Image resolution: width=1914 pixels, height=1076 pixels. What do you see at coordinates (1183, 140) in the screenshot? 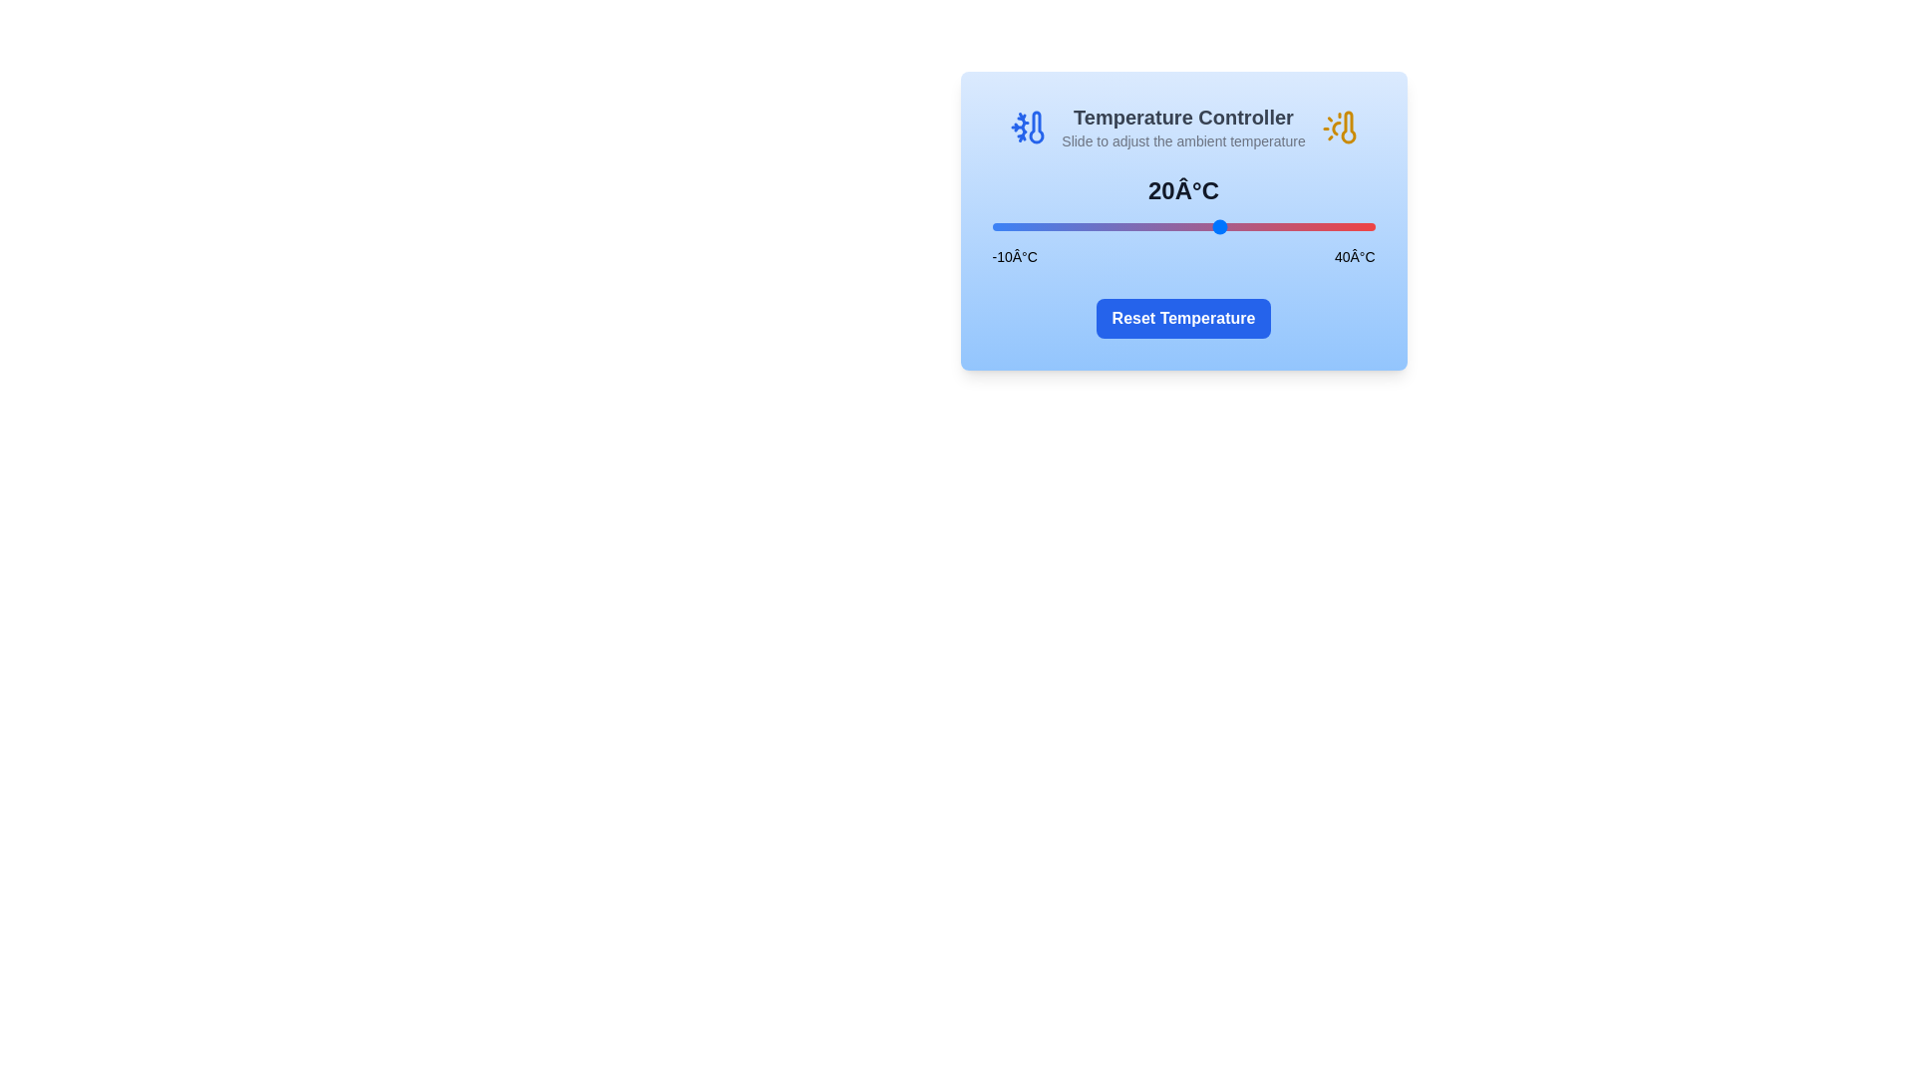
I see `text label that says 'Slide to adjust the ambient temperature', which is styled with a smaller font size and gray color, located below the 'Temperature Controller' header` at bounding box center [1183, 140].